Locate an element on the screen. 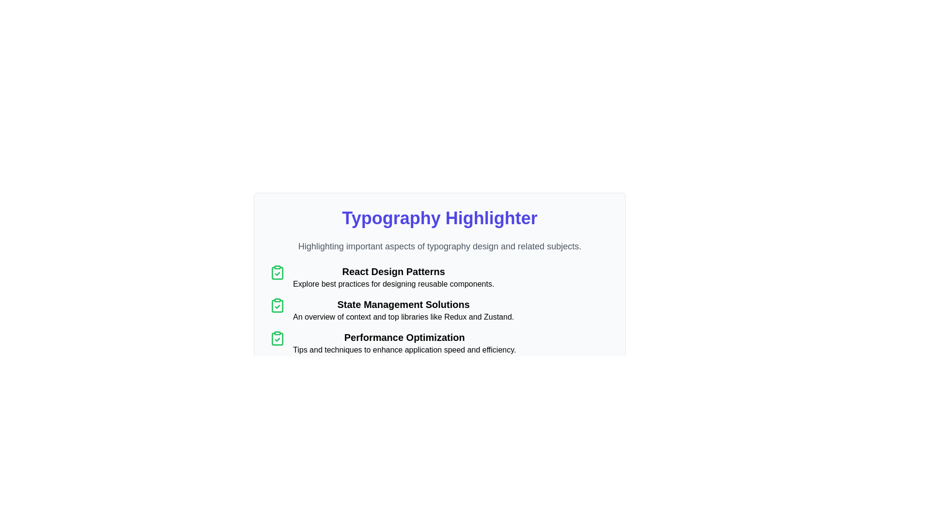 This screenshot has height=523, width=930. the bold text element reading 'React Design Patterns', which is positioned at the top of the first entry in a vertical list within a card-like layout is located at coordinates (393, 271).